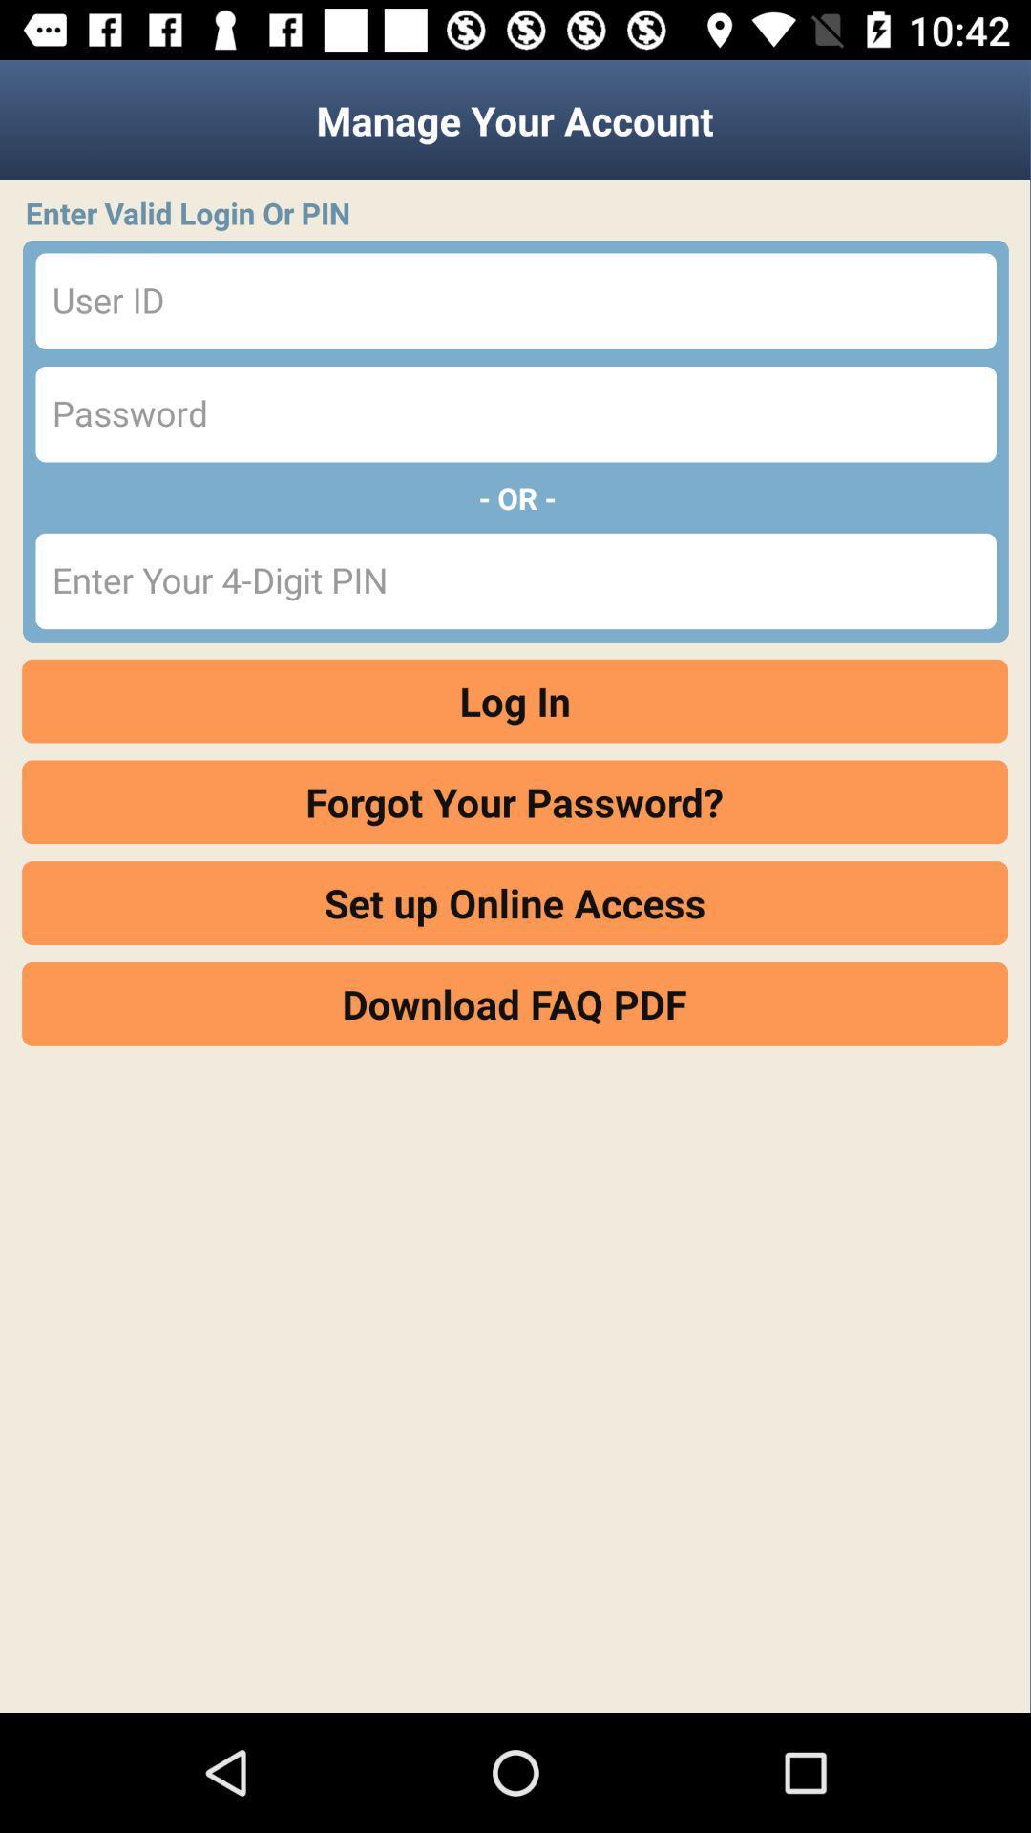 This screenshot has width=1031, height=1833. I want to click on enter valid login icon, so click(521, 213).